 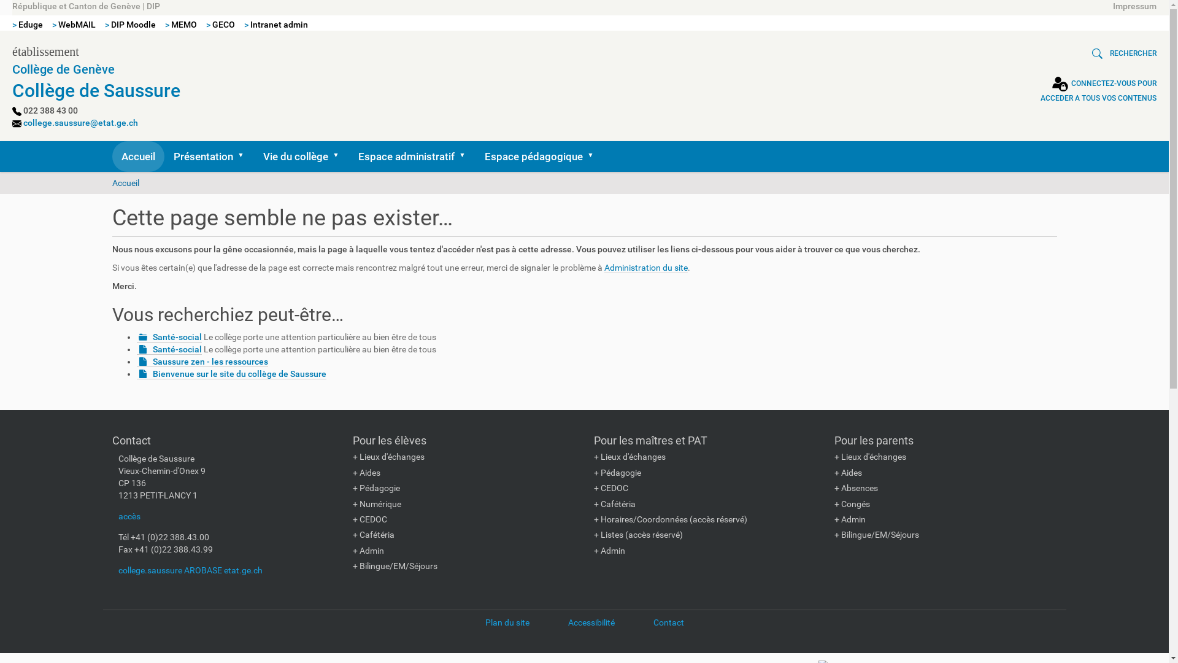 I want to click on '> Intranet admin', so click(x=275, y=24).